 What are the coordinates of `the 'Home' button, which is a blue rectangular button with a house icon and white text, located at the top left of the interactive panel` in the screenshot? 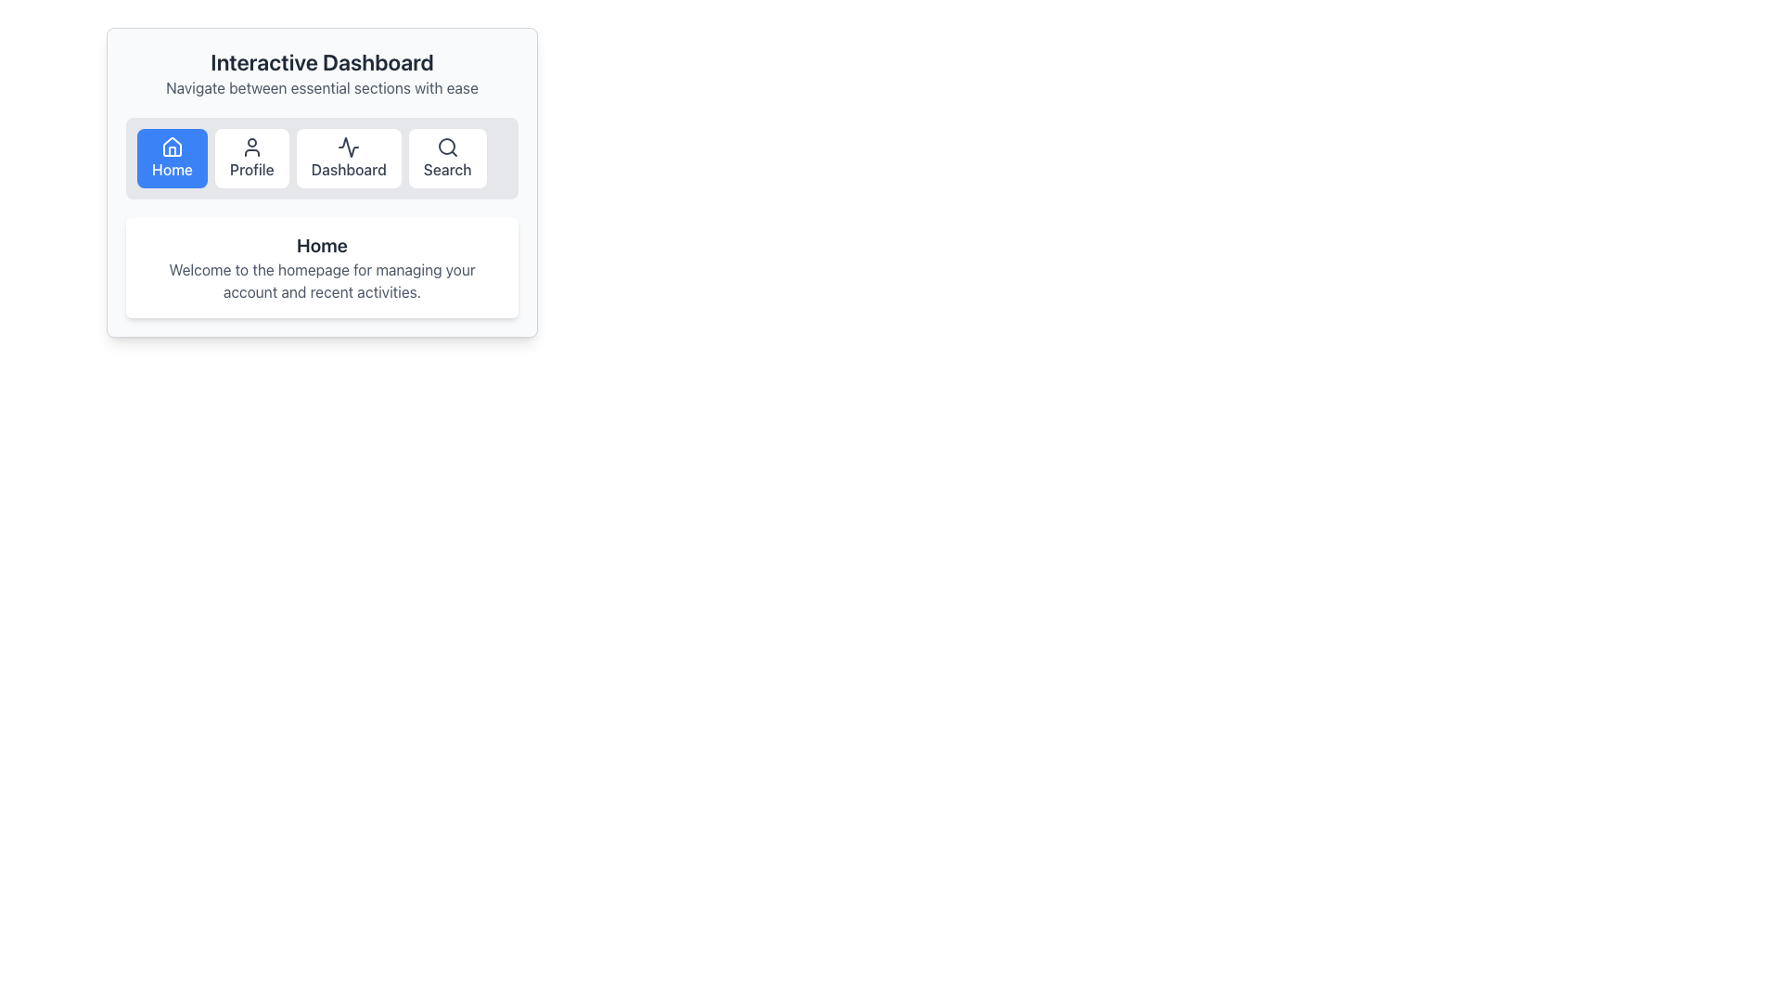 It's located at (173, 157).